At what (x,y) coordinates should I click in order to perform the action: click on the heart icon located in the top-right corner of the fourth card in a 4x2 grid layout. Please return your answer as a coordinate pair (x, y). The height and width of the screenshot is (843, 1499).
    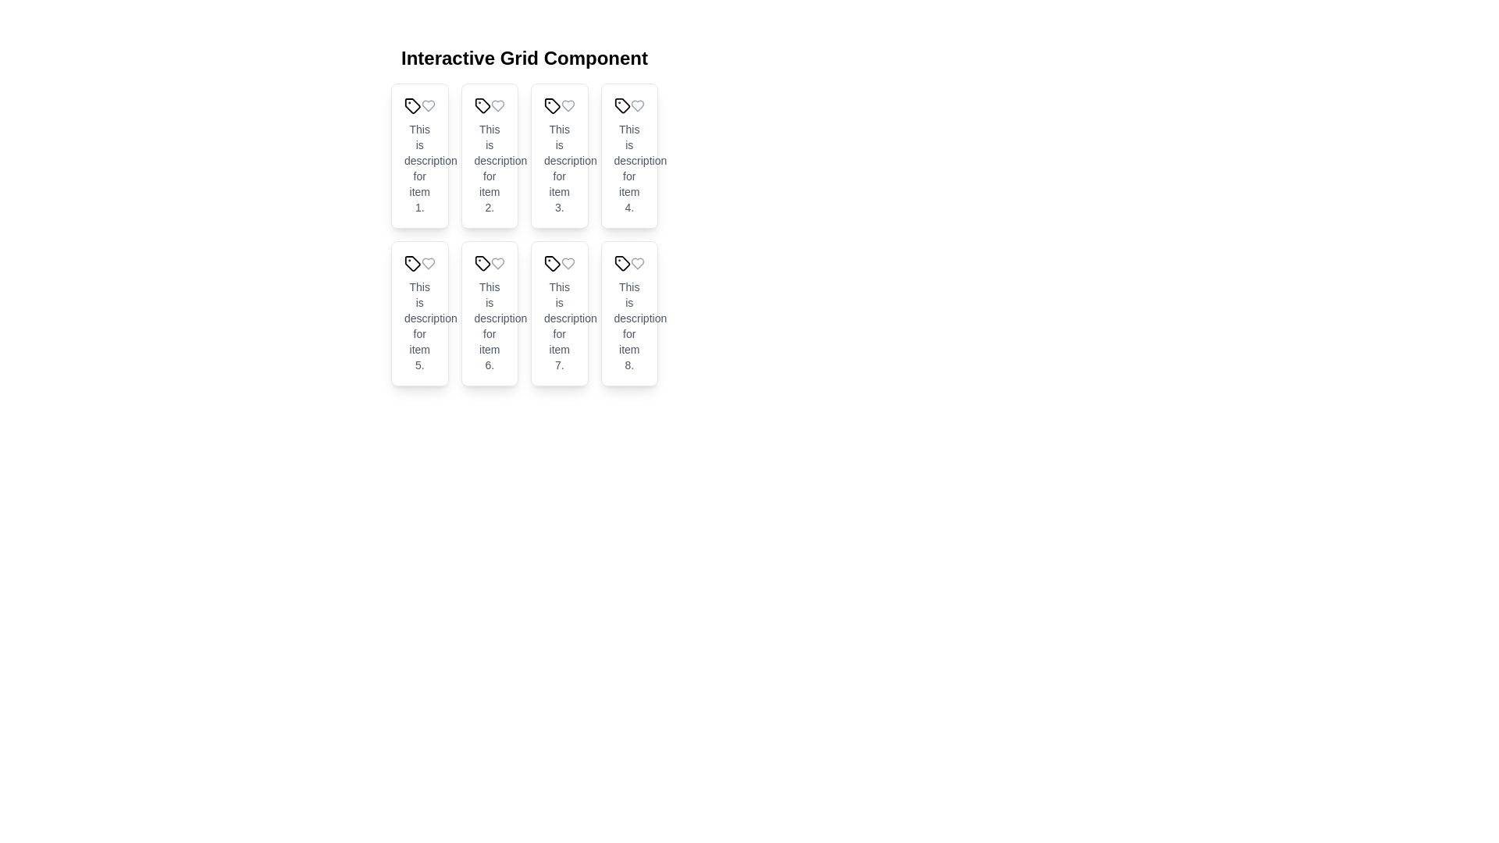
    Looking at the image, I should click on (637, 105).